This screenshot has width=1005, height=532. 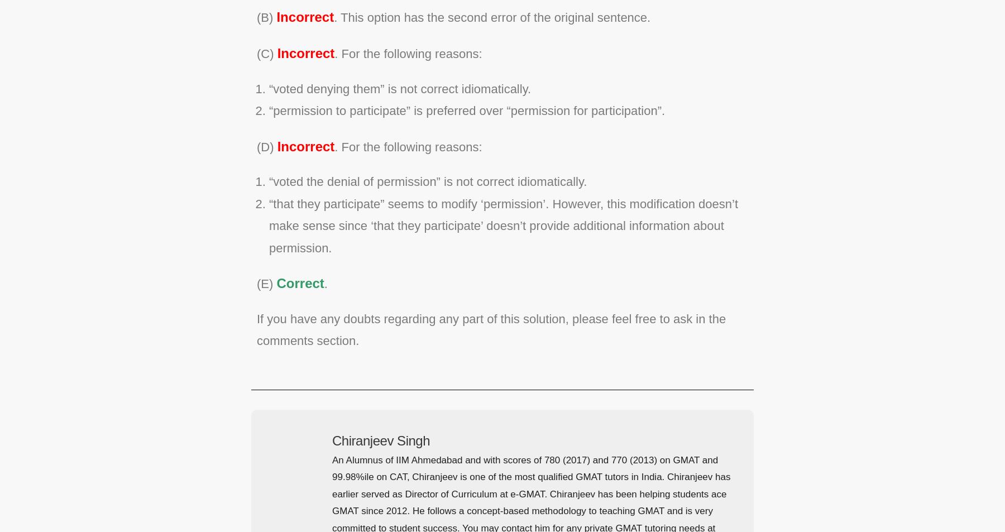 I want to click on '“that they participate” seems to modify ‘permission’. However, this modification doesn’t make sense since ‘that they participate’ doesn’t provide additional information about permission.', so click(x=269, y=224).